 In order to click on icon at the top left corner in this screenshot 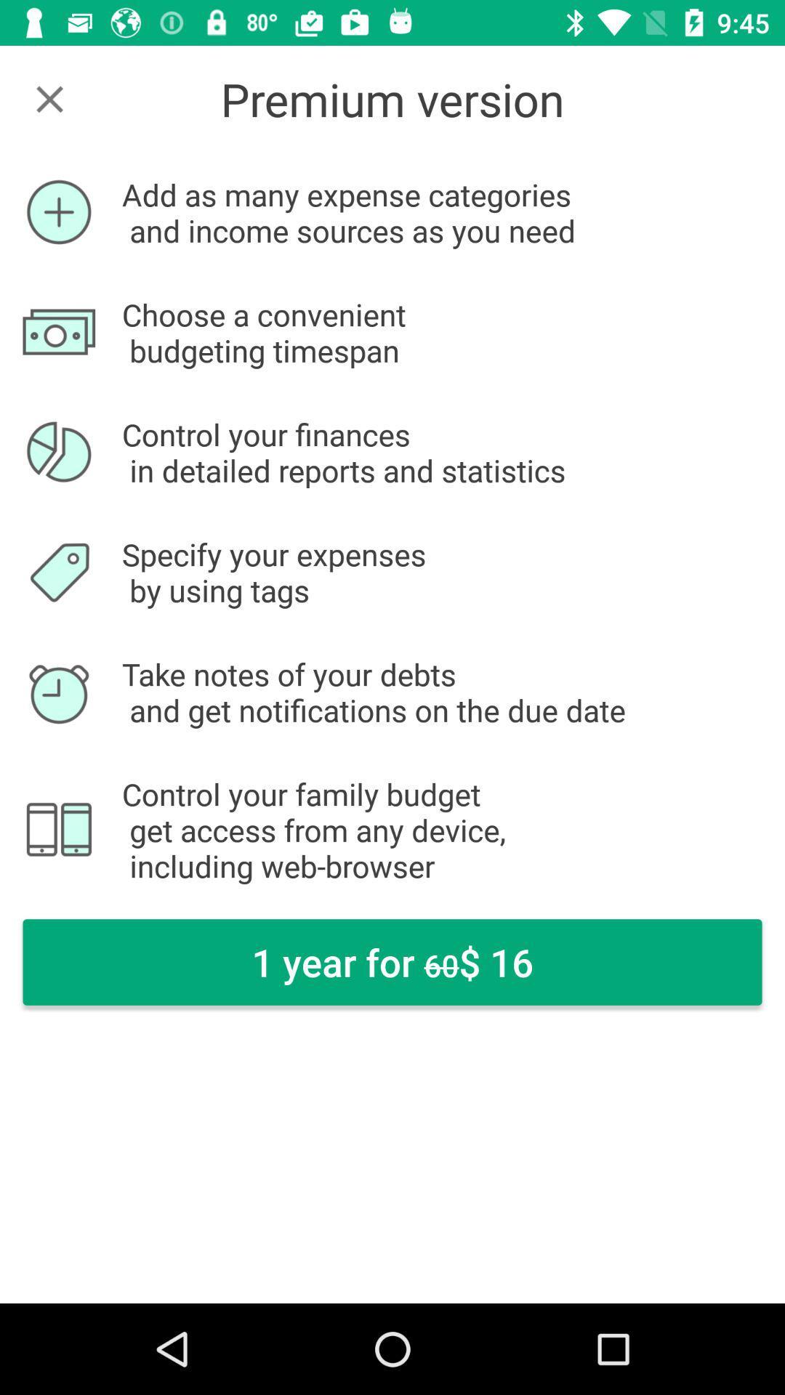, I will do `click(49, 98)`.